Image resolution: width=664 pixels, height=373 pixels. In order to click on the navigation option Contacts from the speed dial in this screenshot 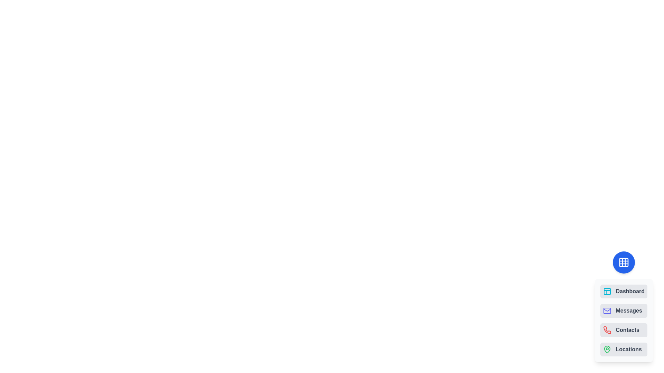, I will do `click(624, 330)`.